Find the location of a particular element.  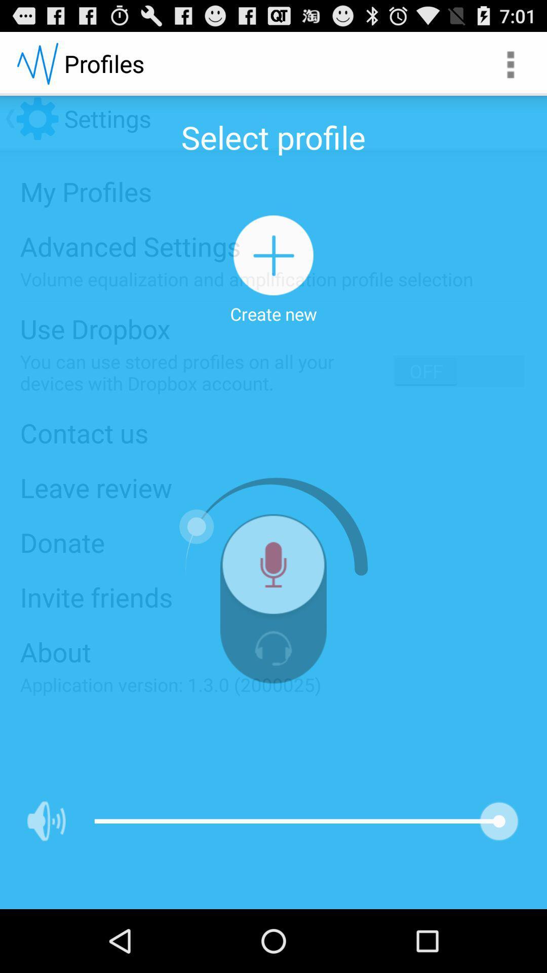

the app next to the profiles is located at coordinates (510, 63).